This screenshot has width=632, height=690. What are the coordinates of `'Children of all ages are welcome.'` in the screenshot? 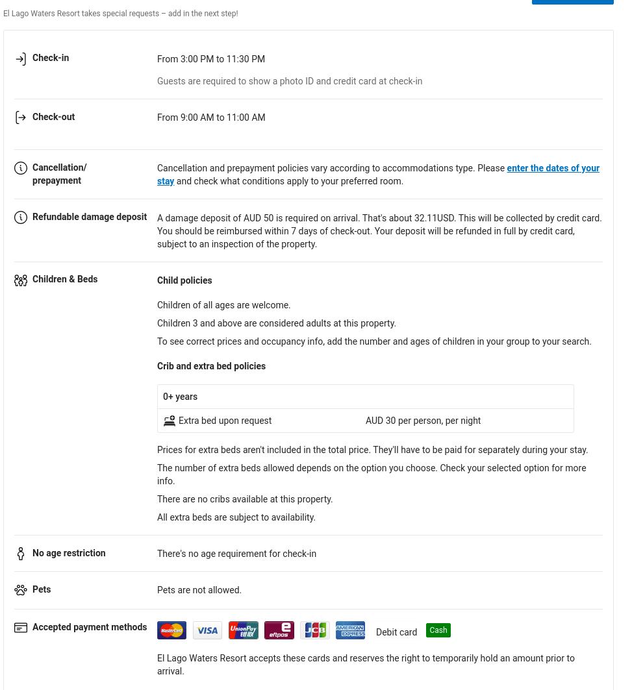 It's located at (223, 304).